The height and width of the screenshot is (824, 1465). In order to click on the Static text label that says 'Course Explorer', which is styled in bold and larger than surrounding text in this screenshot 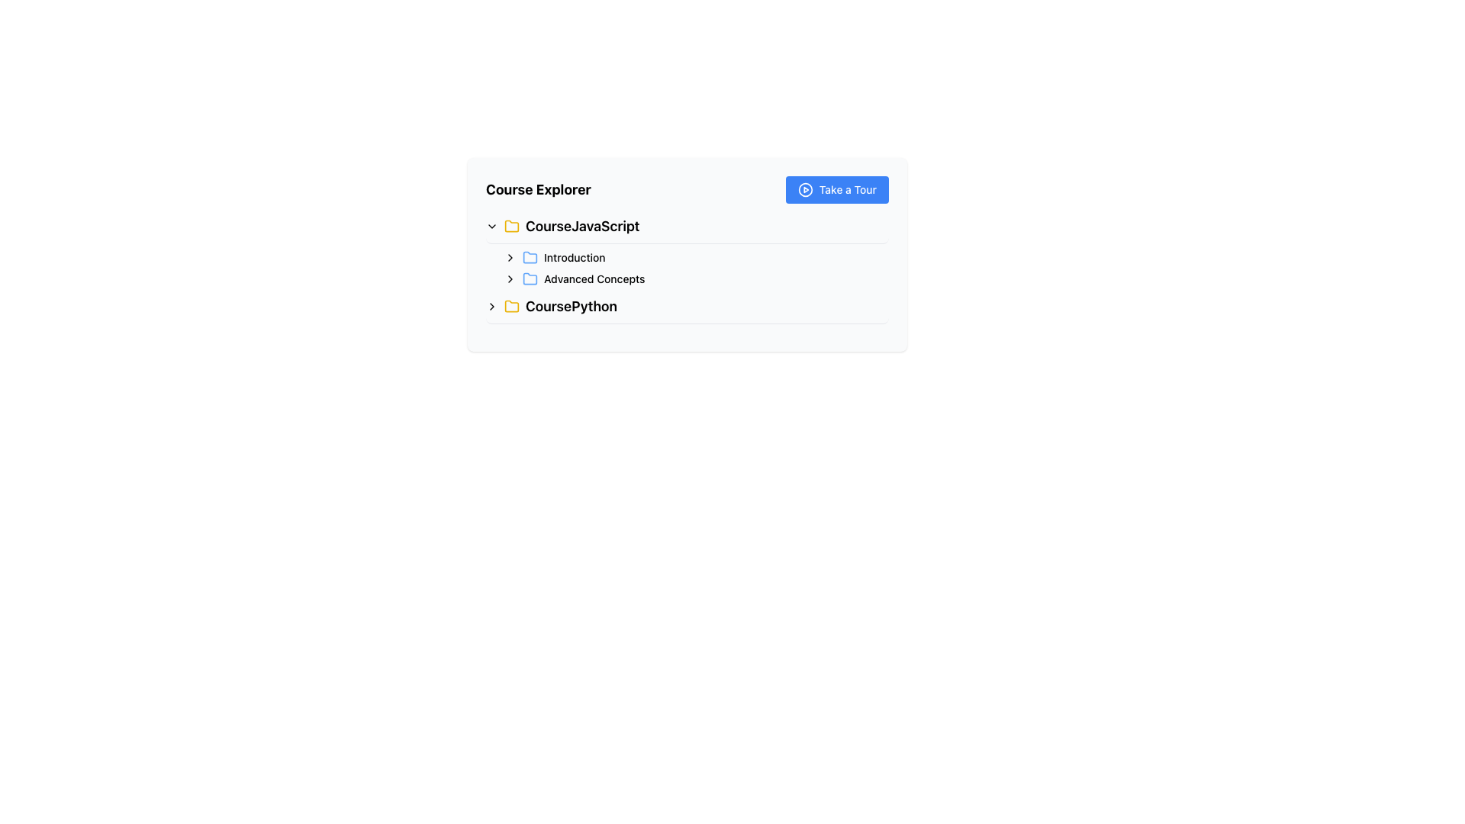, I will do `click(538, 189)`.